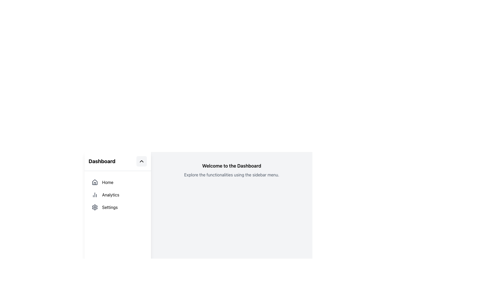 The image size is (499, 281). What do you see at coordinates (95, 207) in the screenshot?
I see `the settings SVG-based icon located in the left vertical sidebar, which is positioned below the 'Analytics' button` at bounding box center [95, 207].